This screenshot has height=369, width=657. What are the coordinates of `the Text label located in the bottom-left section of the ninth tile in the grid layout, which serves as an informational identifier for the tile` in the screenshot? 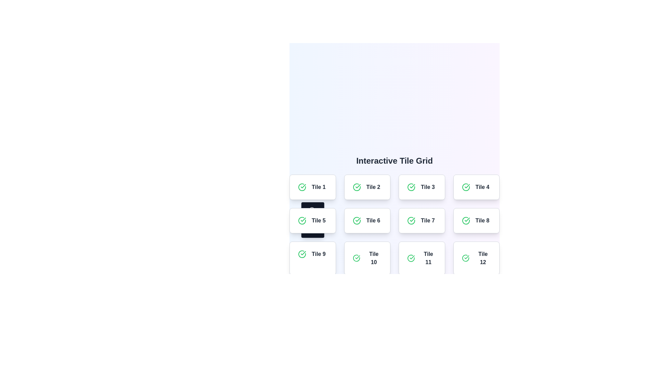 It's located at (318, 254).